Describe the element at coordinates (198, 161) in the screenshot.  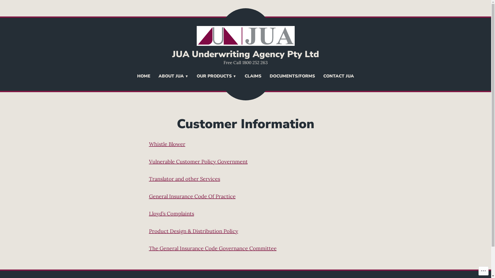
I see `'Vulnerable Customer Policy Government'` at that location.